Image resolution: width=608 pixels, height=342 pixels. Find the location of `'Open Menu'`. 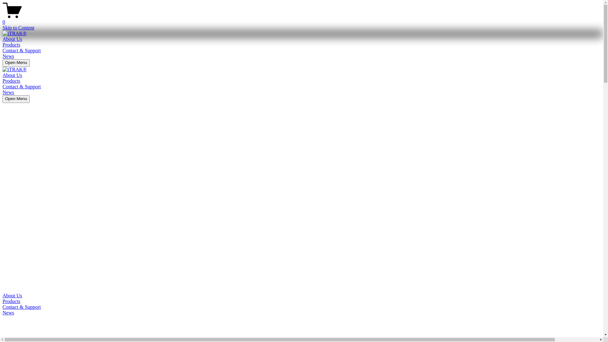

'Open Menu' is located at coordinates (16, 63).